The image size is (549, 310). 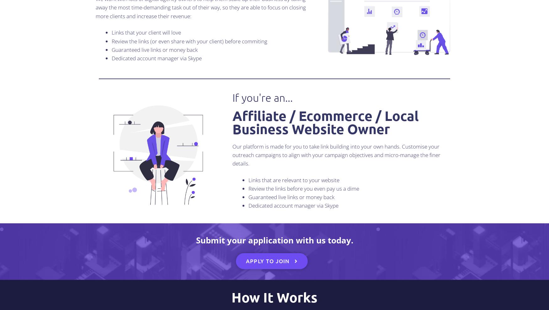 What do you see at coordinates (248, 188) in the screenshot?
I see `'Review the links before you even pay us a dime'` at bounding box center [248, 188].